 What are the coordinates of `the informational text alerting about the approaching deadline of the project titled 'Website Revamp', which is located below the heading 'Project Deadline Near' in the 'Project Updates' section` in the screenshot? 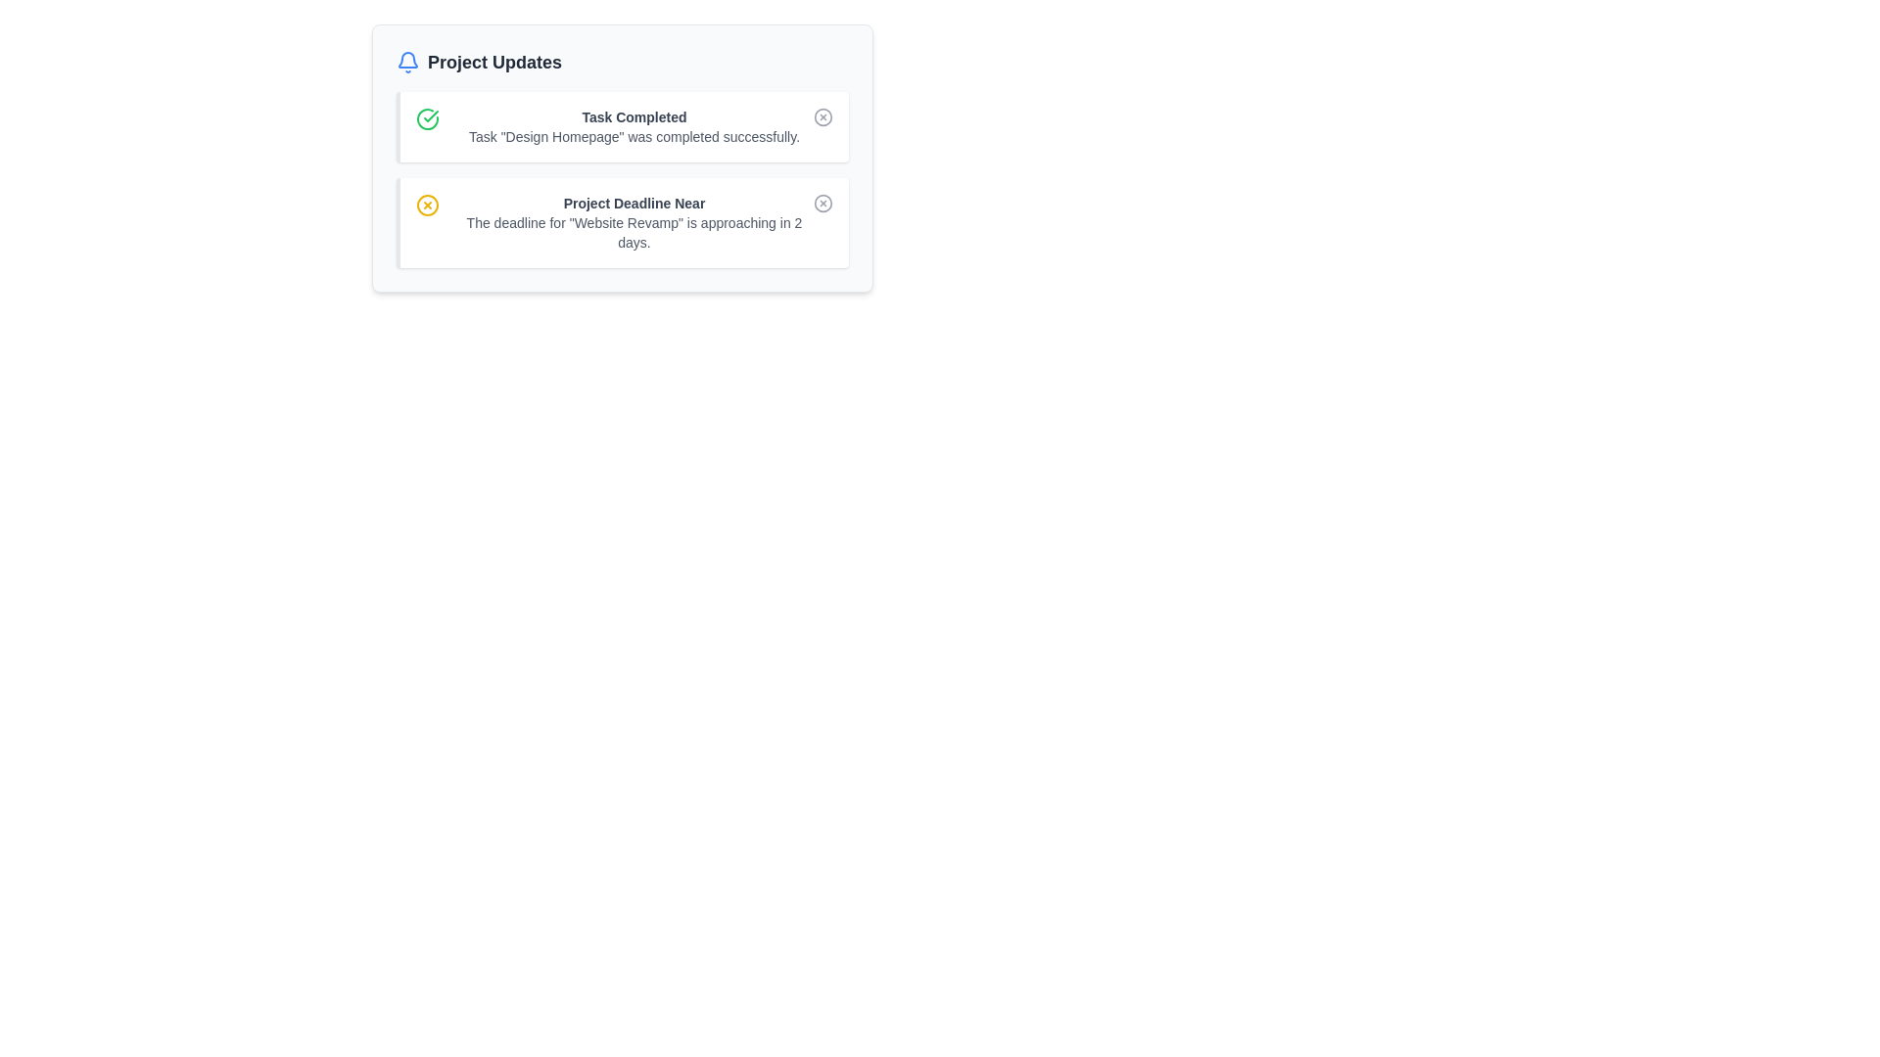 It's located at (634, 232).